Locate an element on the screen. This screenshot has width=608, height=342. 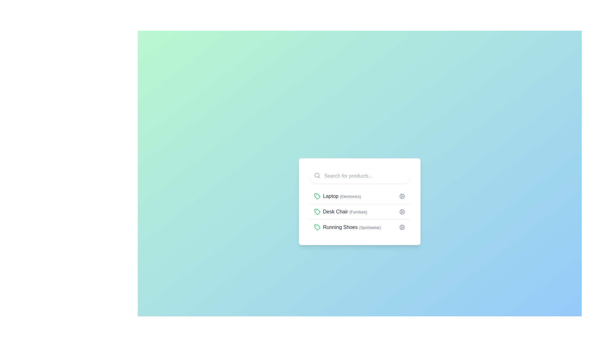
the text label that provides additional information about the 'Laptop' category, indicating its belonging to the 'Electronics' category is located at coordinates (350, 196).